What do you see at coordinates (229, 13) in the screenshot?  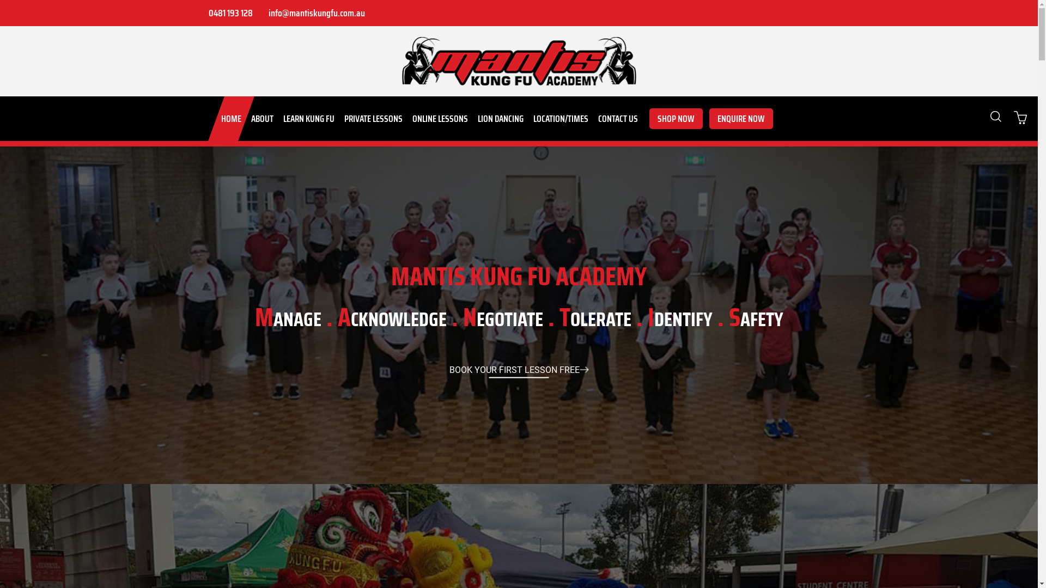 I see `'0481 193 128'` at bounding box center [229, 13].